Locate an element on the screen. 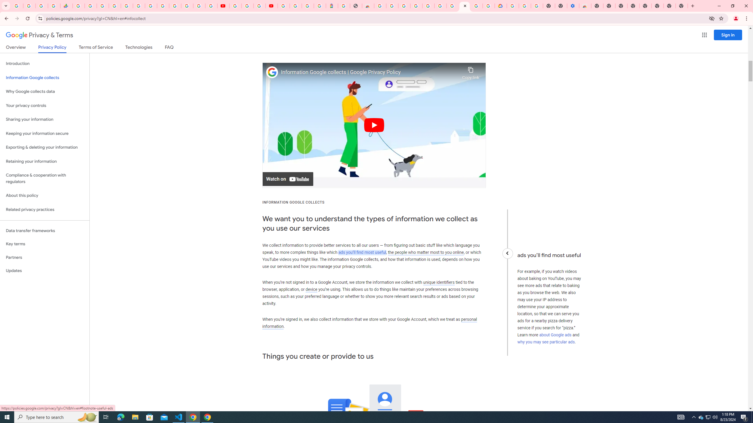 The width and height of the screenshot is (753, 423). 'About this policy' is located at coordinates (44, 196).